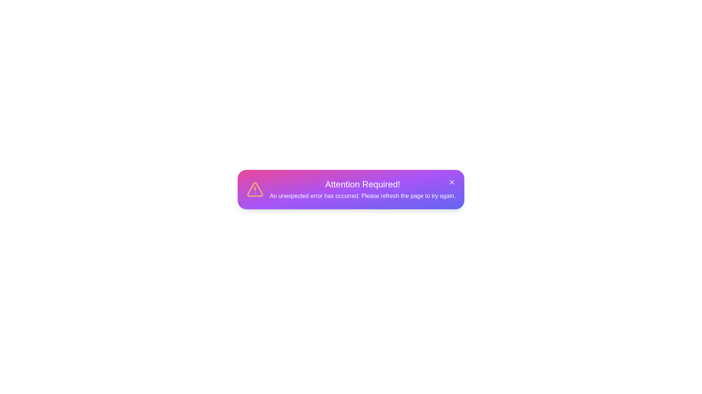 Image resolution: width=702 pixels, height=394 pixels. I want to click on the close button of the notification popup to dismiss it, so click(452, 185).